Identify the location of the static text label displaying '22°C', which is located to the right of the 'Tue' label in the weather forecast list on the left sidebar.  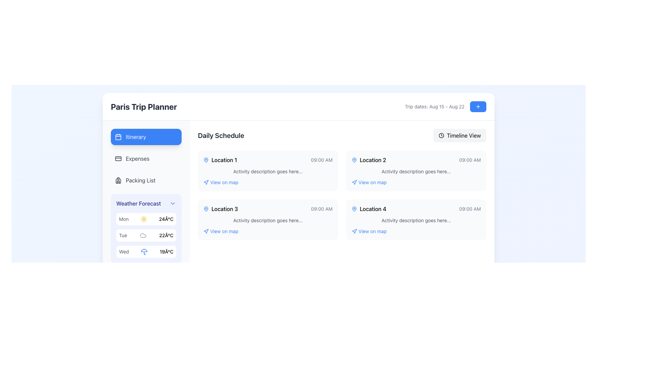
(166, 235).